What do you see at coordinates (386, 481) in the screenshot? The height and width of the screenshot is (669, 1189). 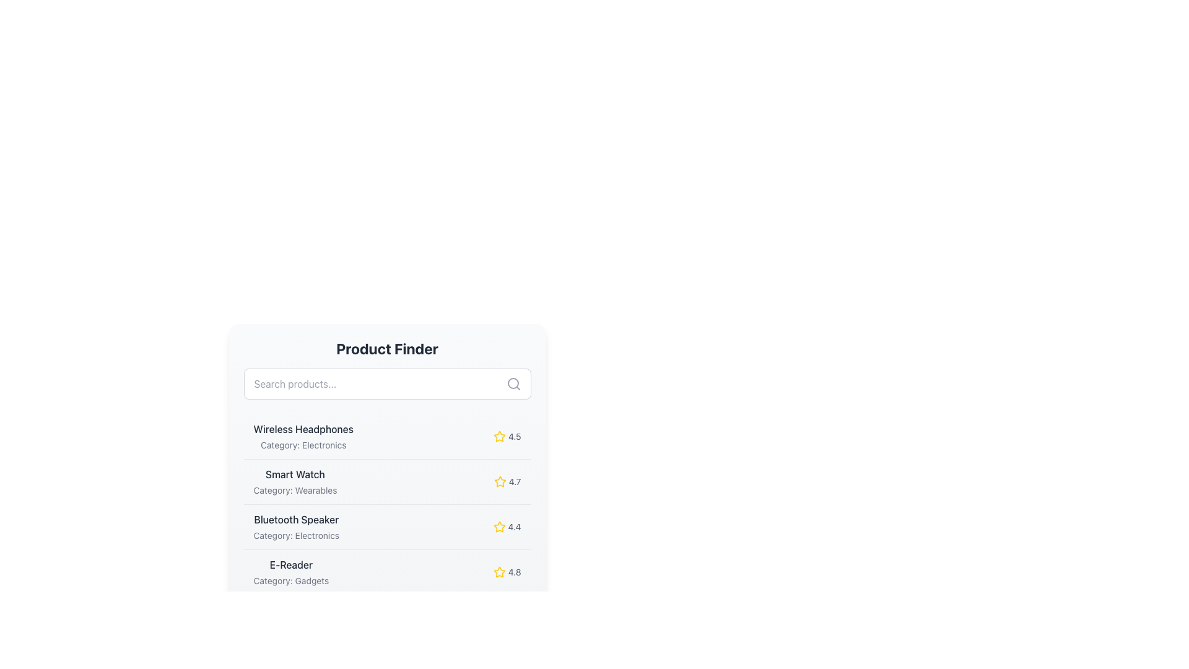 I see `the second product item in the 'Product Finder' interface, which is a 'Smart Watch' with a rating of '4.7'` at bounding box center [386, 481].